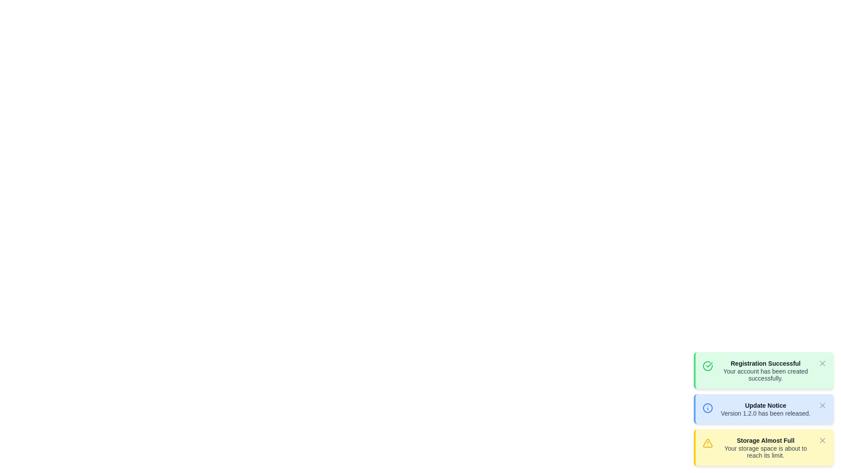 The width and height of the screenshot is (841, 473). Describe the element at coordinates (708, 443) in the screenshot. I see `the warning icon indicating that storage is nearing its limit, located in the yellow box with the text 'Storage Almost Full.'` at that location.